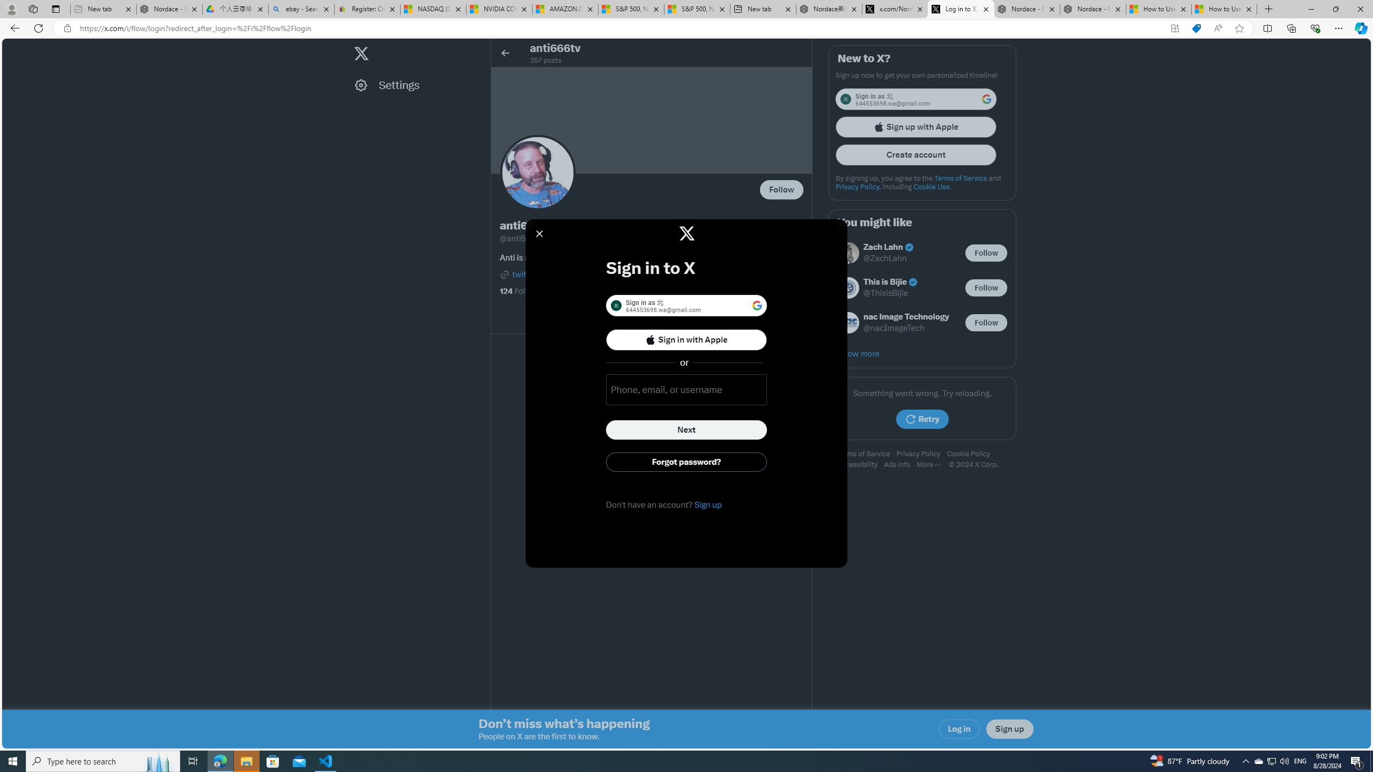 The height and width of the screenshot is (772, 1373). What do you see at coordinates (33, 9) in the screenshot?
I see `'Workspaces'` at bounding box center [33, 9].